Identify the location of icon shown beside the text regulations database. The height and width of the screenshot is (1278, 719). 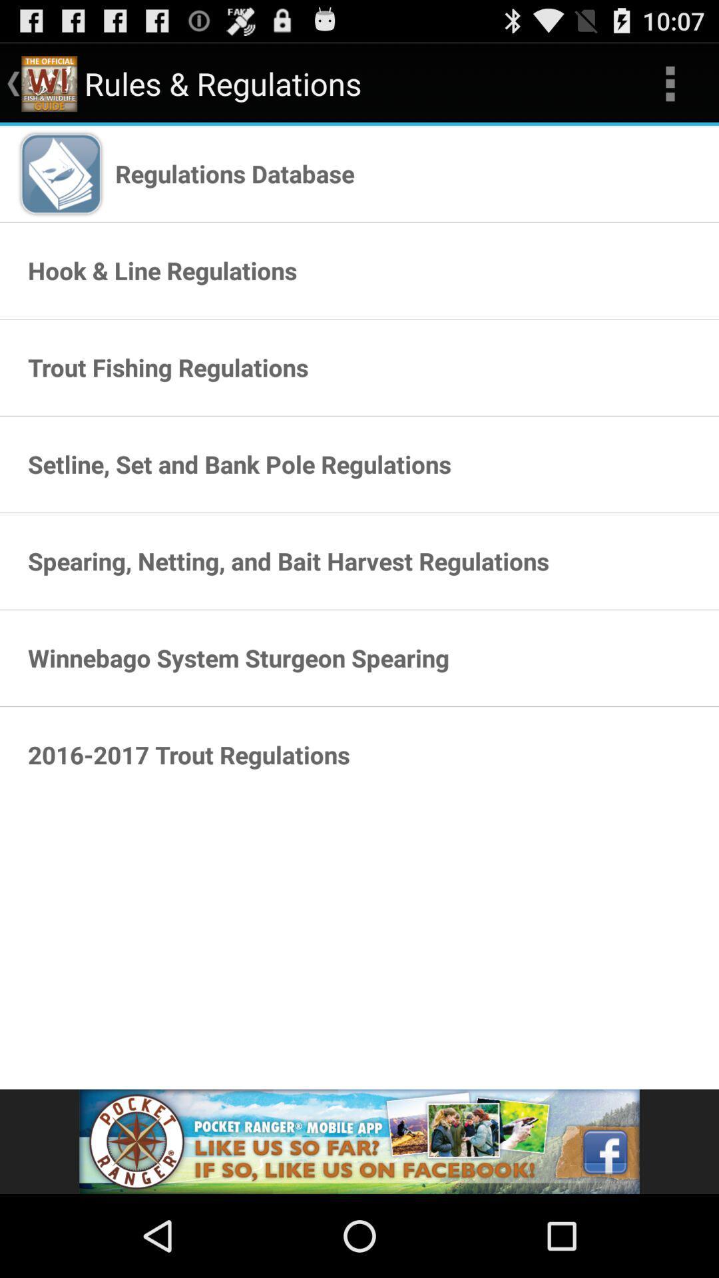
(61, 173).